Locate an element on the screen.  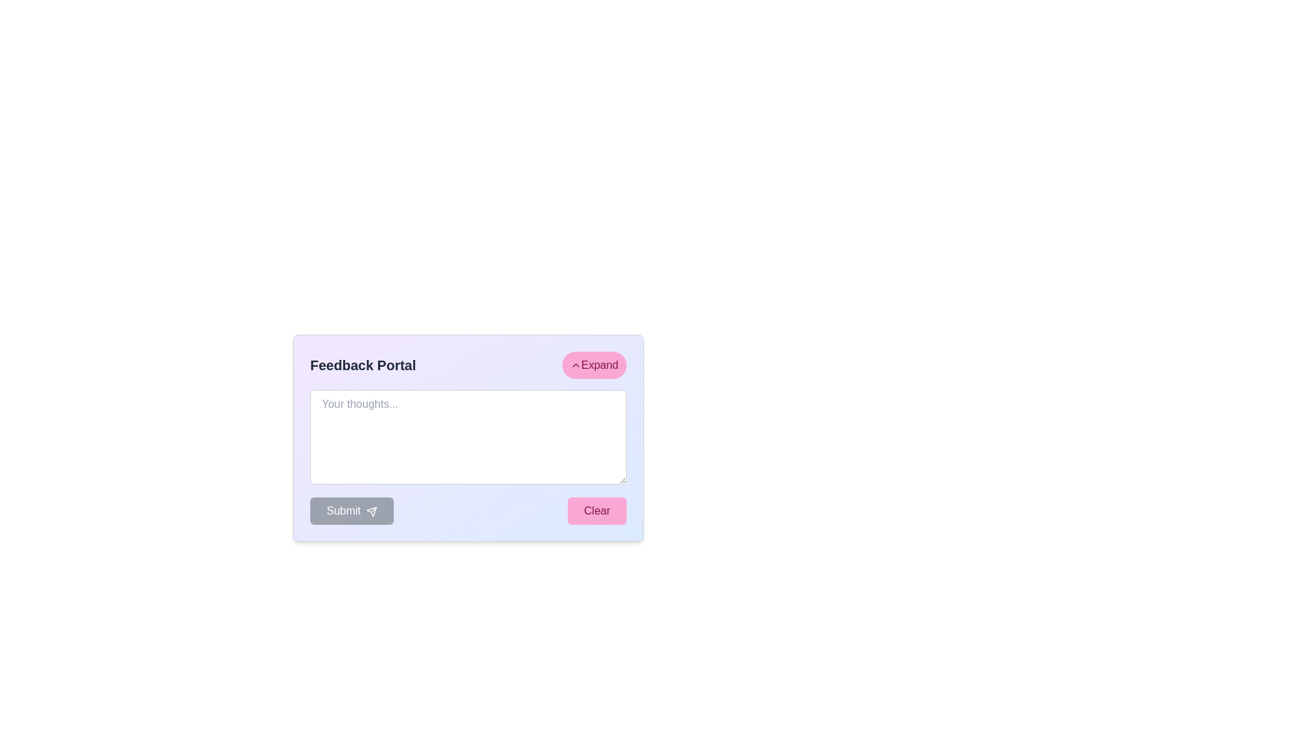
the 'Submit' button by clicking on the graphical icon that signifies sending or submitting the content is located at coordinates (372, 511).